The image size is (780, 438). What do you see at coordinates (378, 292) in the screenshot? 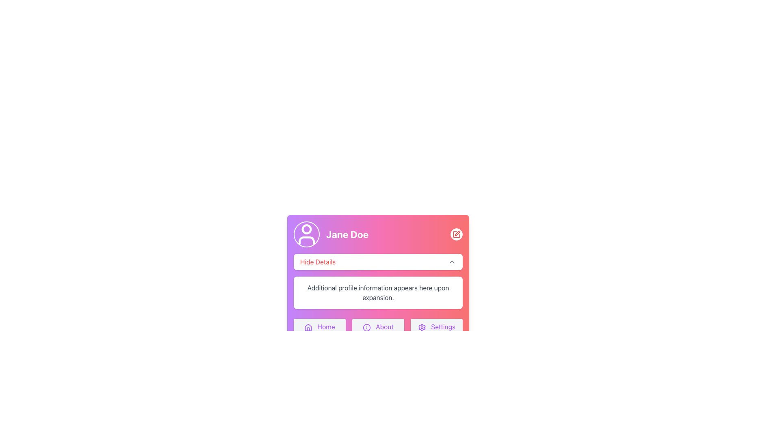
I see `text from the Text Label located beneath the 'Hide Details' toggle button, positioned at the center-bottom section of the user details card` at bounding box center [378, 292].